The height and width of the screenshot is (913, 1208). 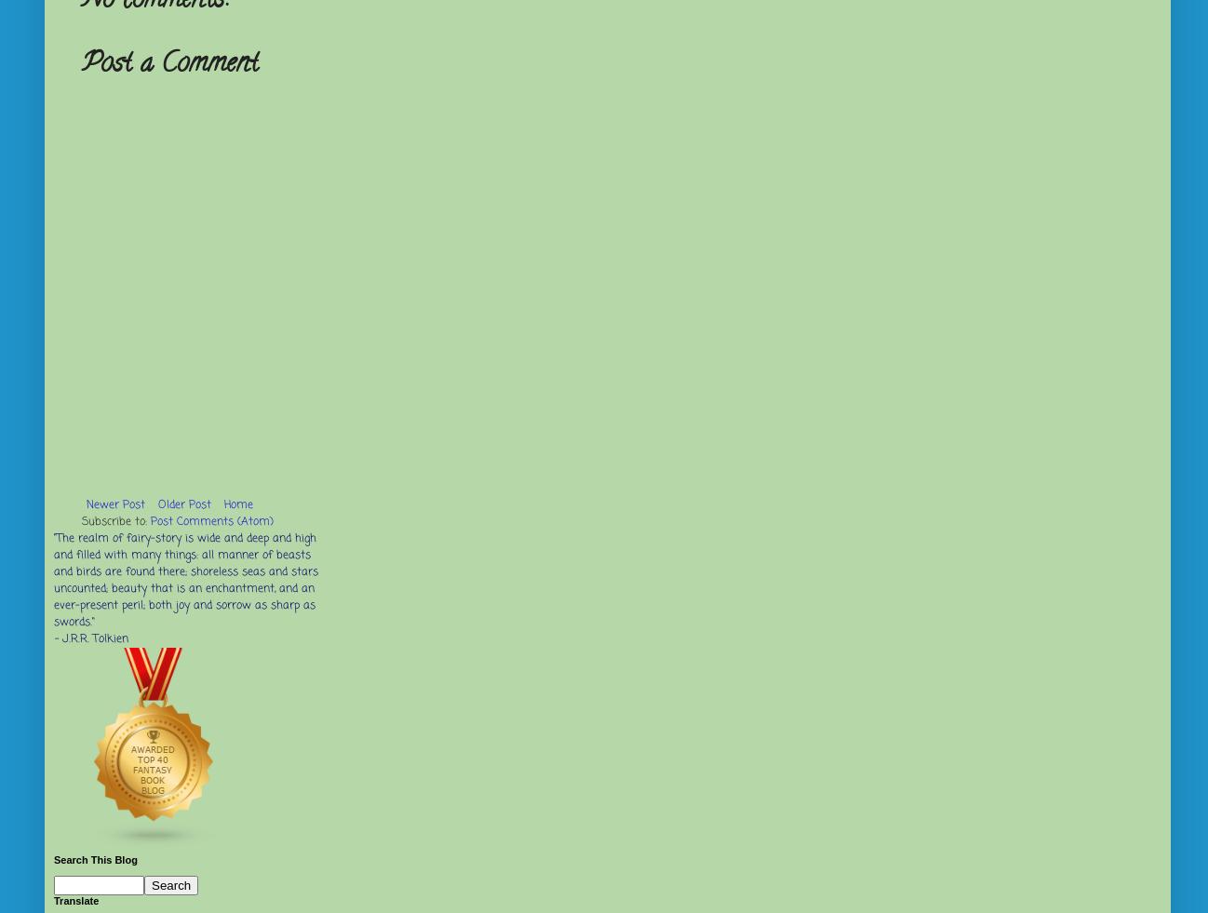 What do you see at coordinates (53, 900) in the screenshot?
I see `'Translate'` at bounding box center [53, 900].